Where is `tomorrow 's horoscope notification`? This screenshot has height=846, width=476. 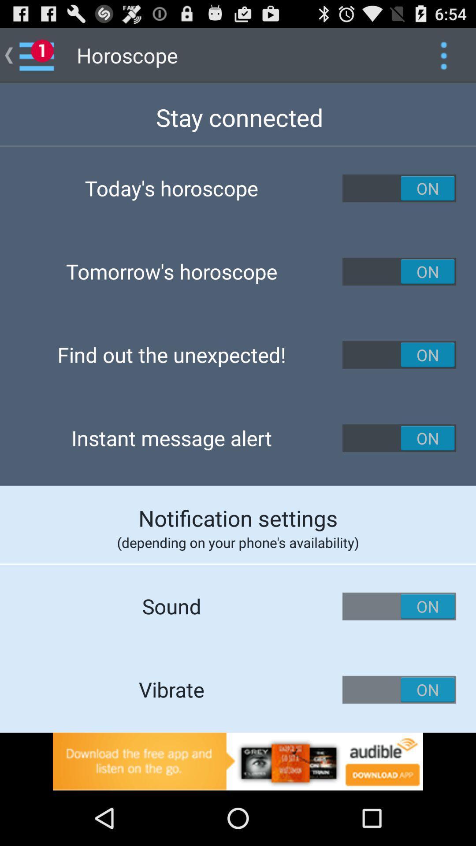
tomorrow 's horoscope notification is located at coordinates (399, 271).